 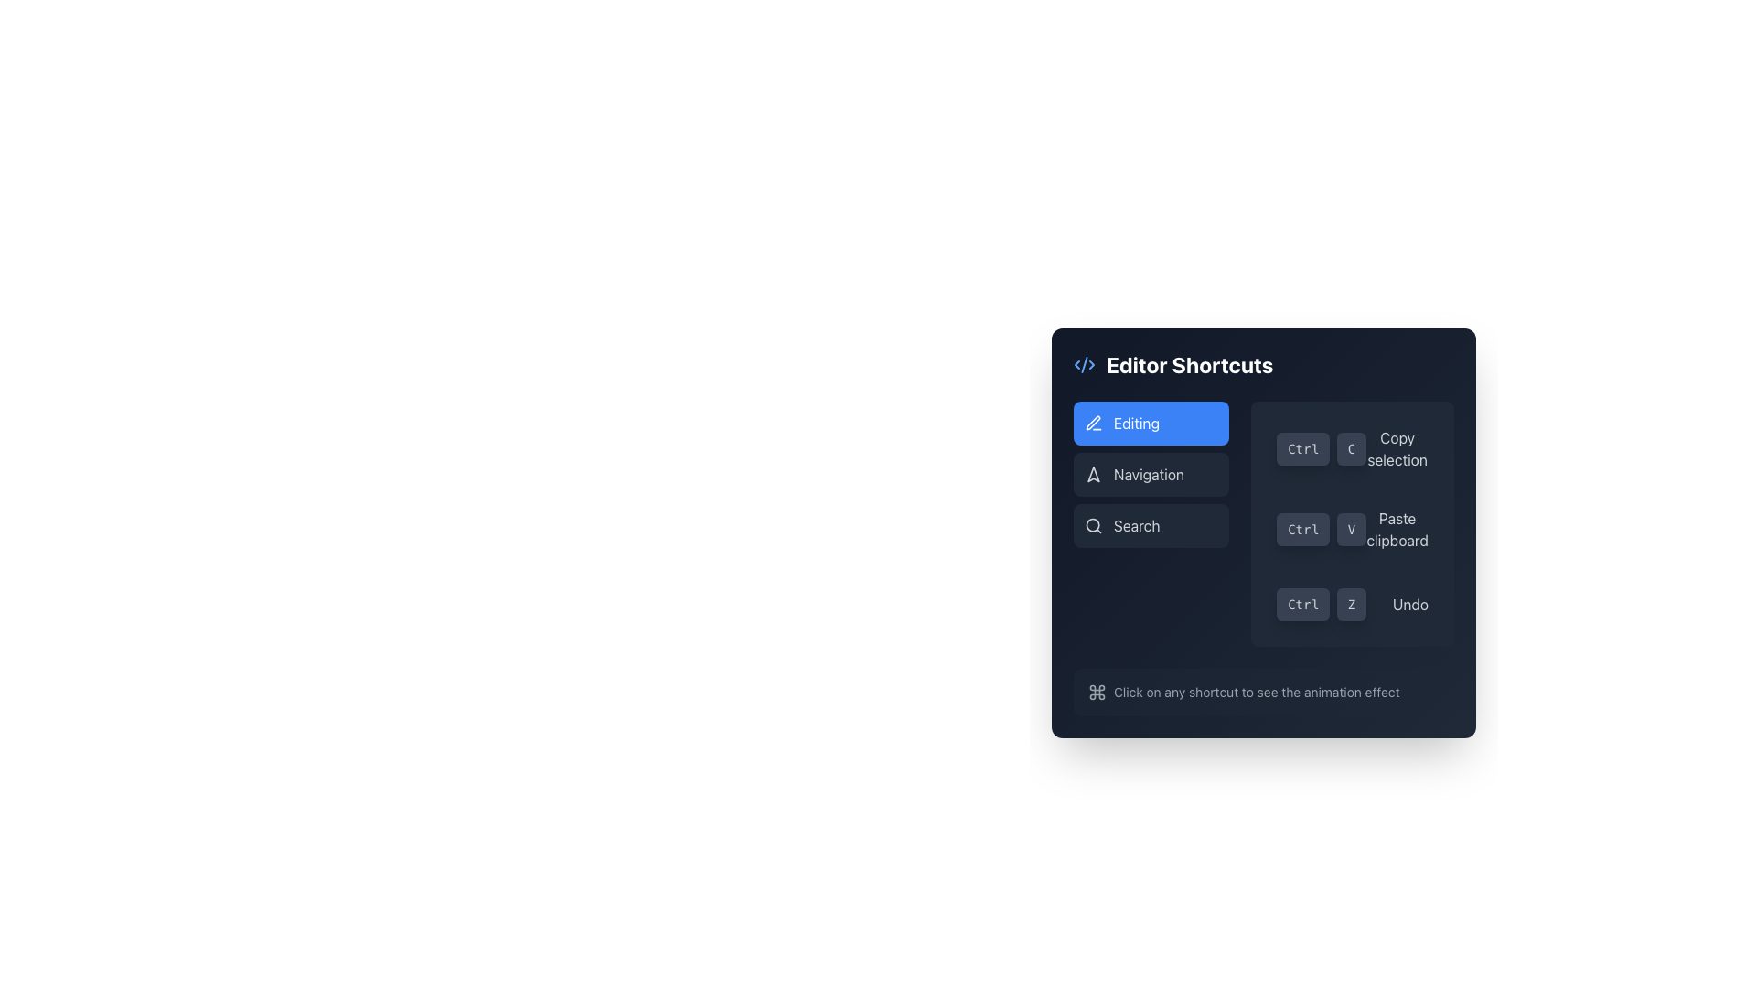 I want to click on the Vertical Navigation Menu located on the left section of the interface panel below the 'Editor Shortcuts' header for keyboard navigation, so click(x=1151, y=524).